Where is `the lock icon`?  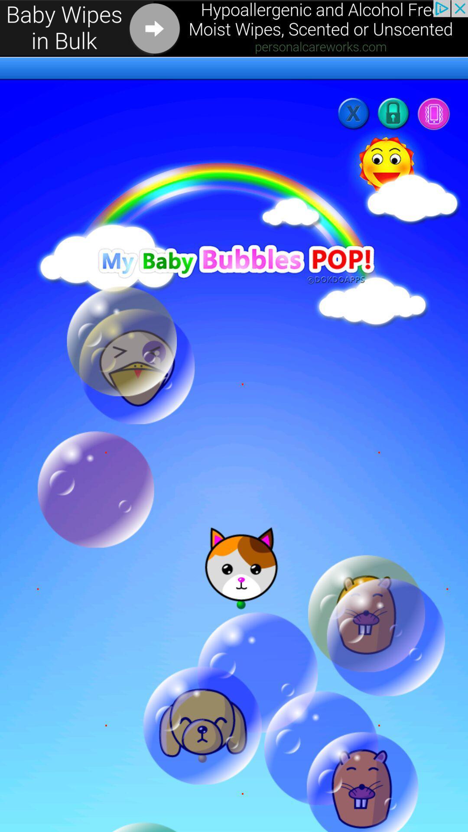 the lock icon is located at coordinates (393, 113).